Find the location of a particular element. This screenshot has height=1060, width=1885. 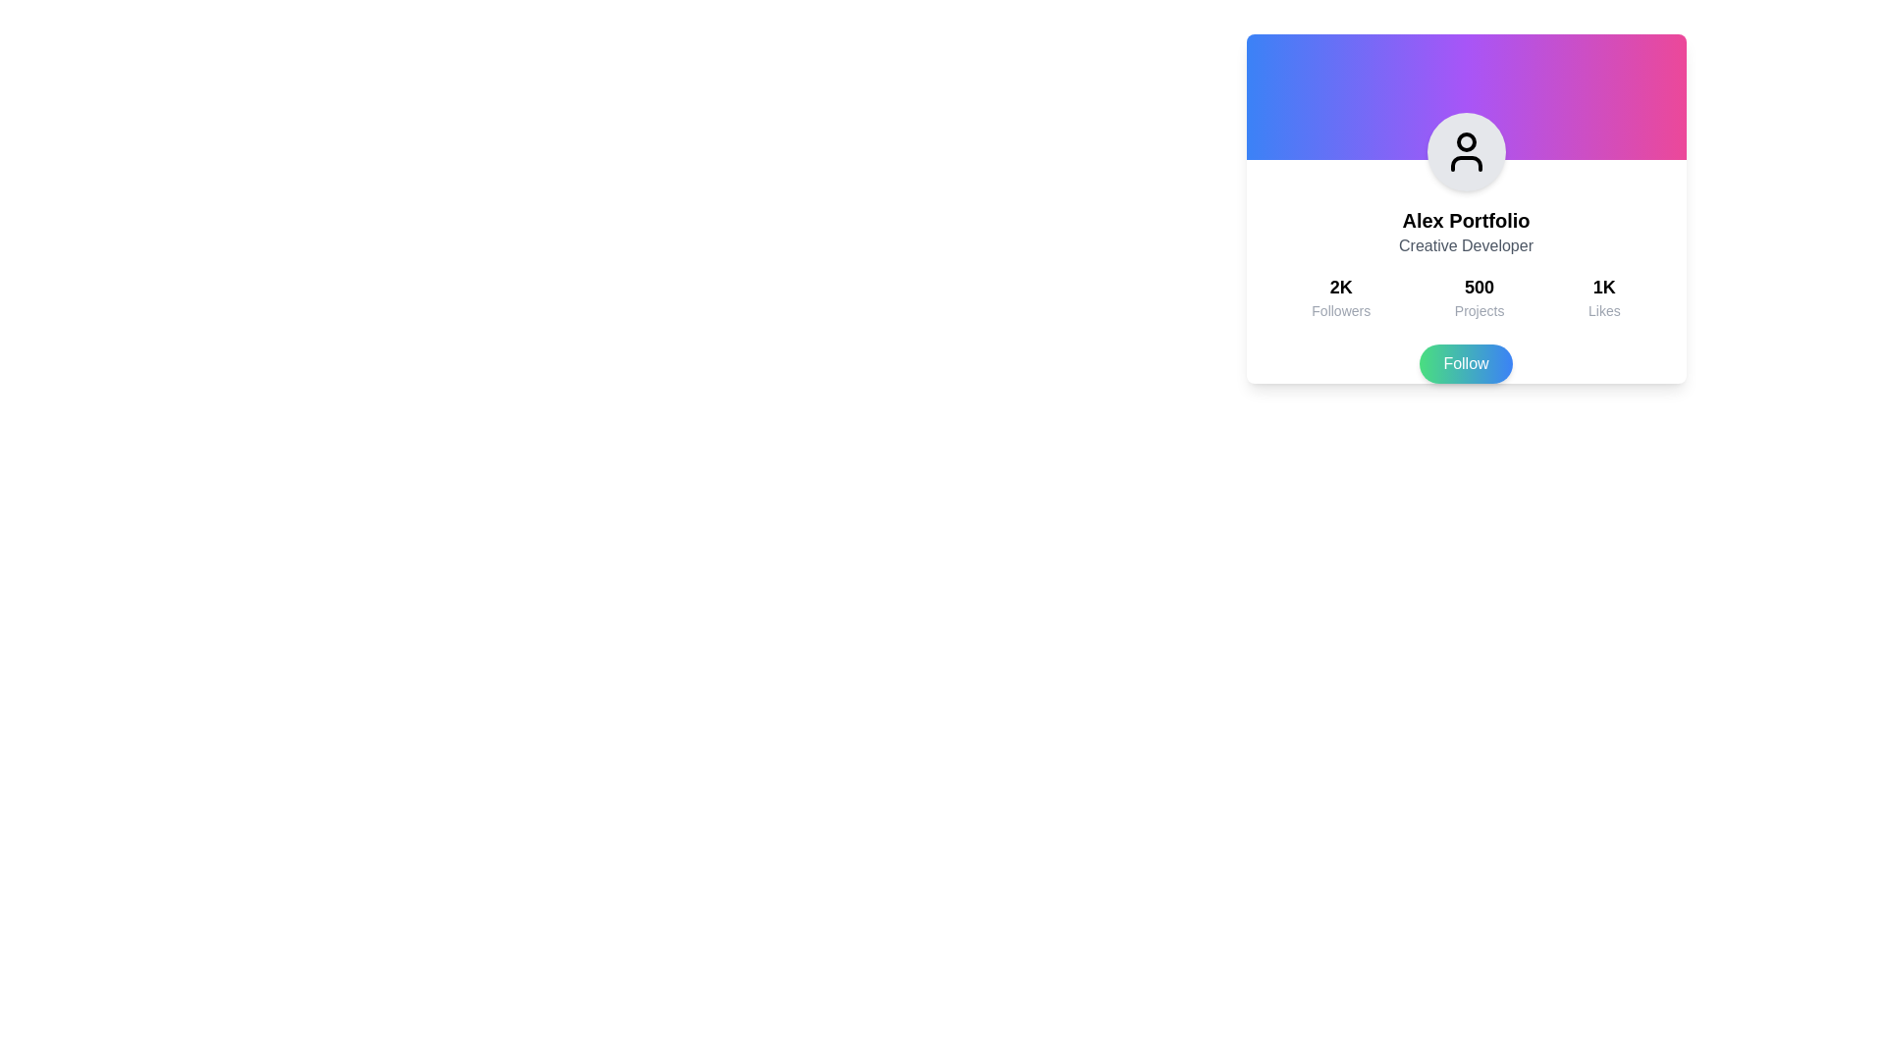

bold text label displaying '2K', which is located above the word 'Followers' in the informational section about followers is located at coordinates (1340, 288).